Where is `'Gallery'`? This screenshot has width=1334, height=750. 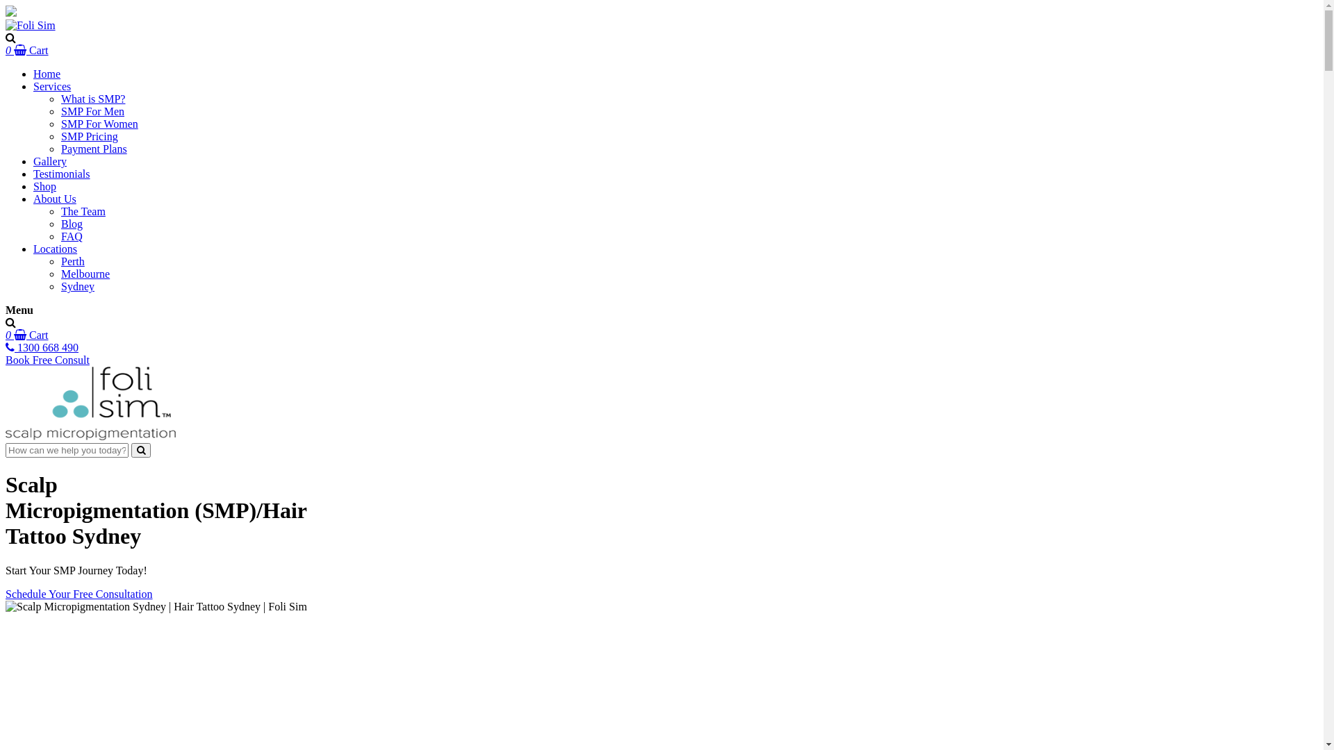 'Gallery' is located at coordinates (50, 160).